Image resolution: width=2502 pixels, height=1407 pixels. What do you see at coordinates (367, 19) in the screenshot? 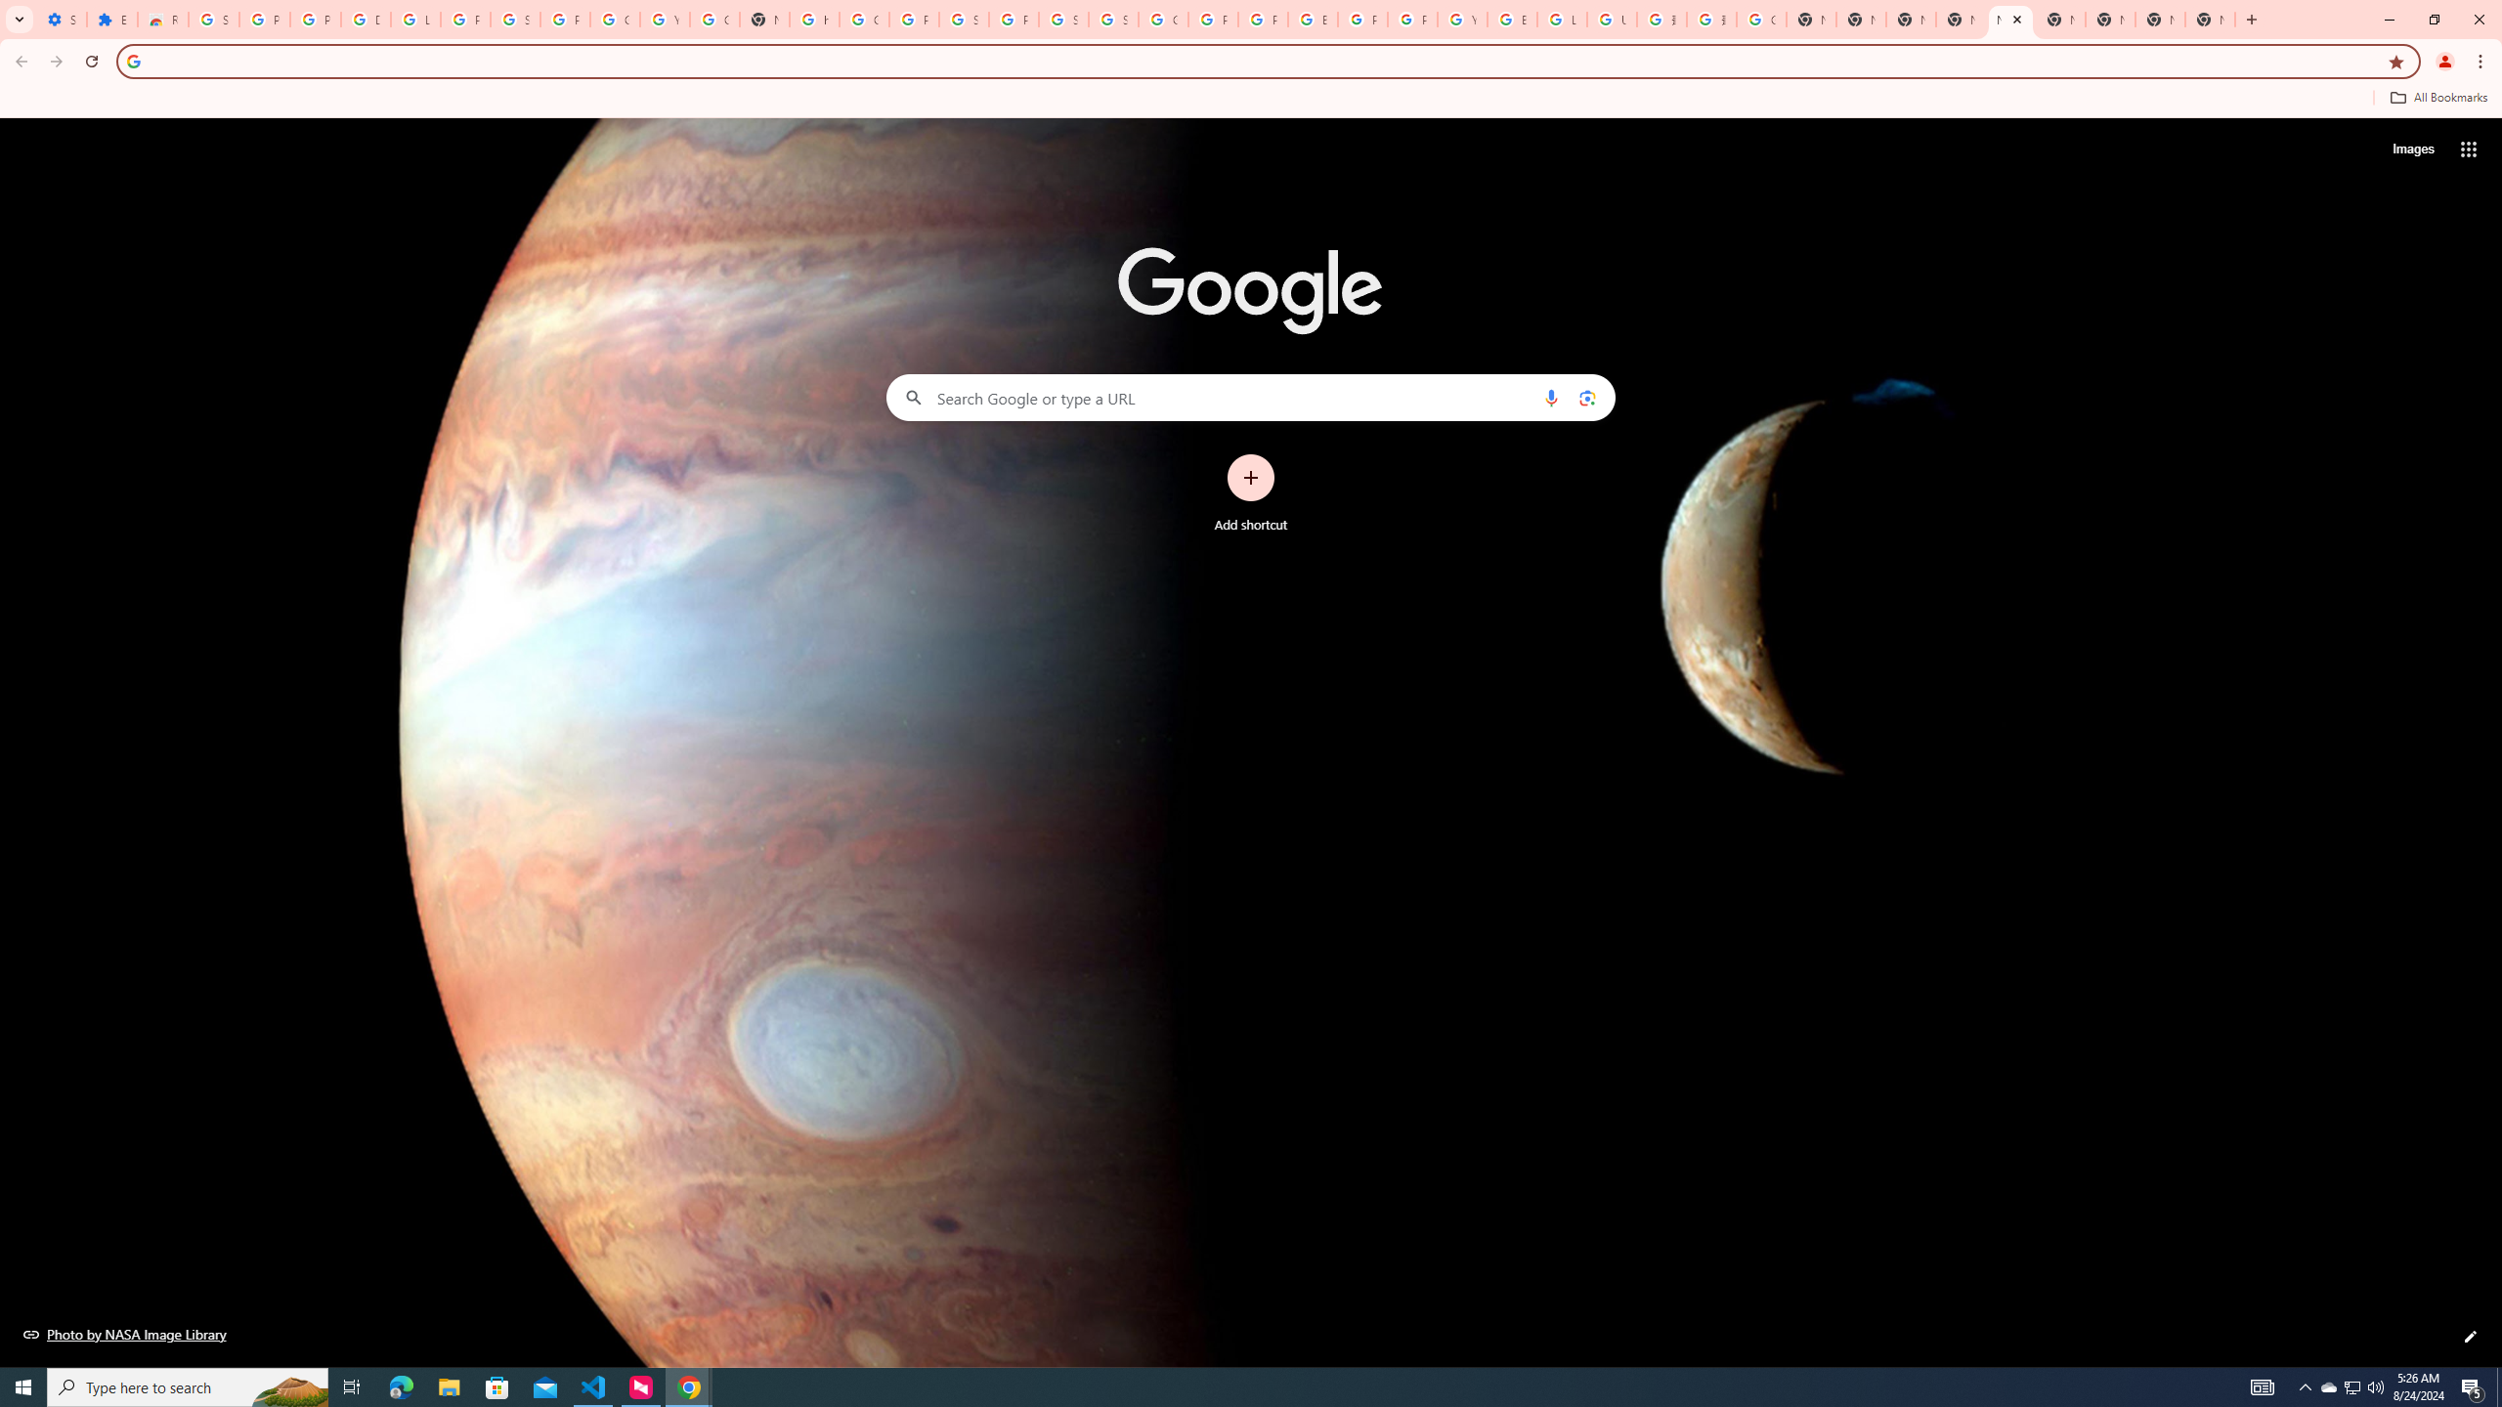
I see `'Delete photos & videos - Computer - Google Photos Help'` at bounding box center [367, 19].